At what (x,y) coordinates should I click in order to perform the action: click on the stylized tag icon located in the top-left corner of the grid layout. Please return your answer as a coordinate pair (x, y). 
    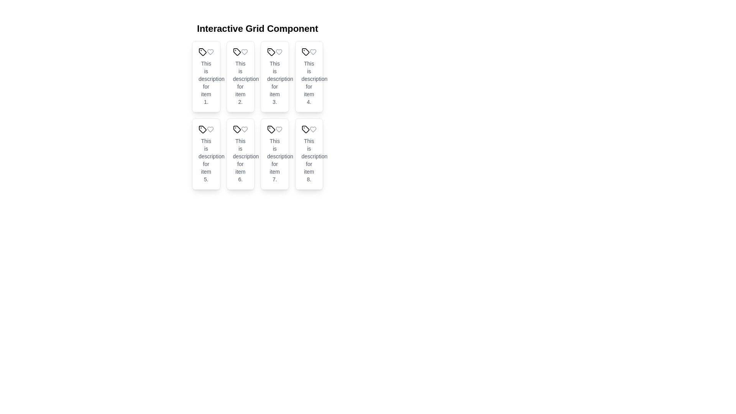
    Looking at the image, I should click on (202, 52).